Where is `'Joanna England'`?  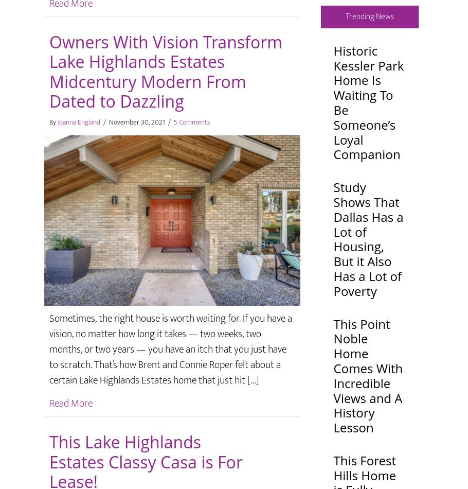 'Joanna England' is located at coordinates (78, 121).